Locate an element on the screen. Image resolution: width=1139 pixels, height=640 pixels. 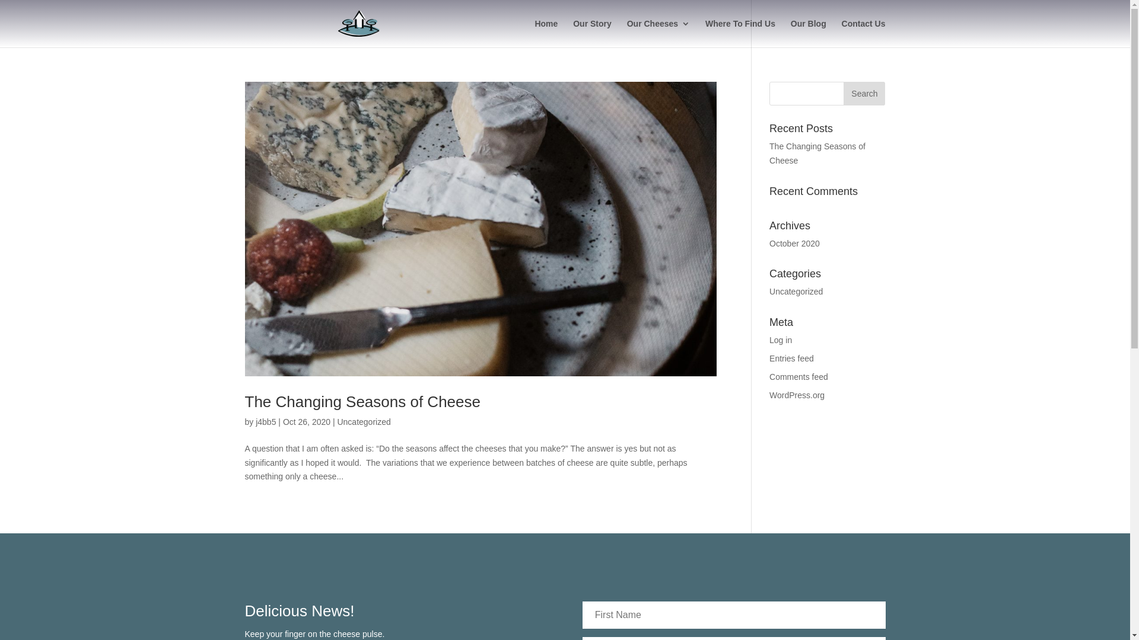
'WordPress.org' is located at coordinates (797, 395).